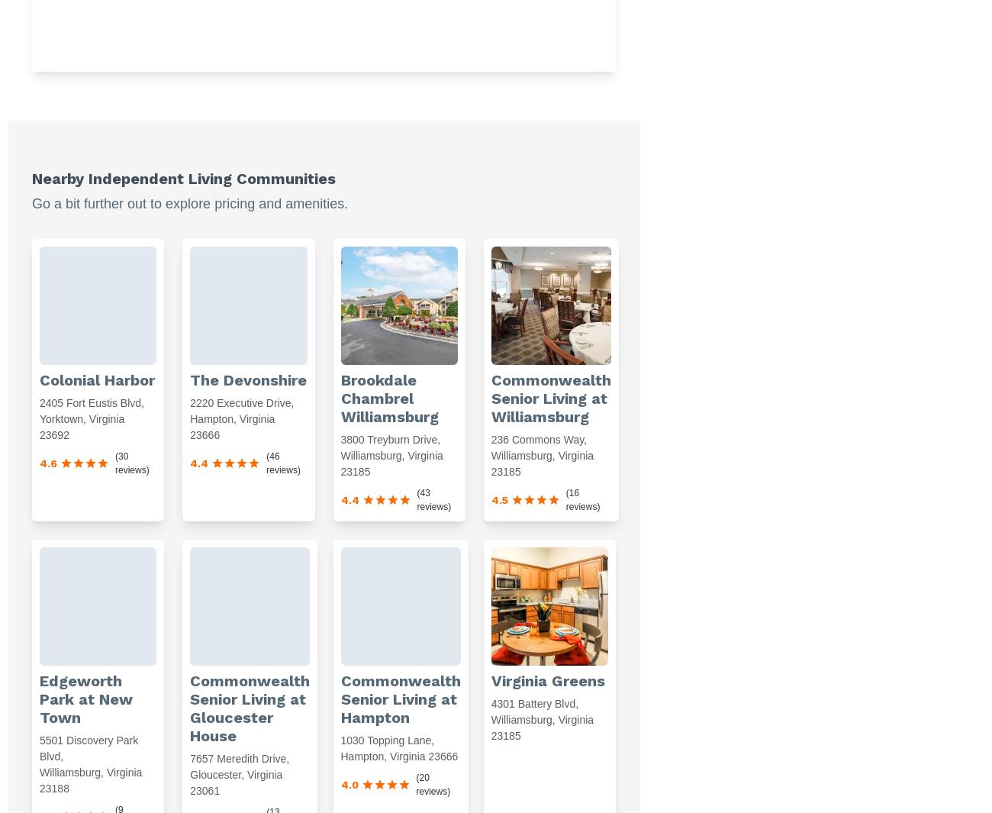 This screenshot has height=813, width=992. I want to click on 'Yorktown, Virginia 23692', so click(82, 427).